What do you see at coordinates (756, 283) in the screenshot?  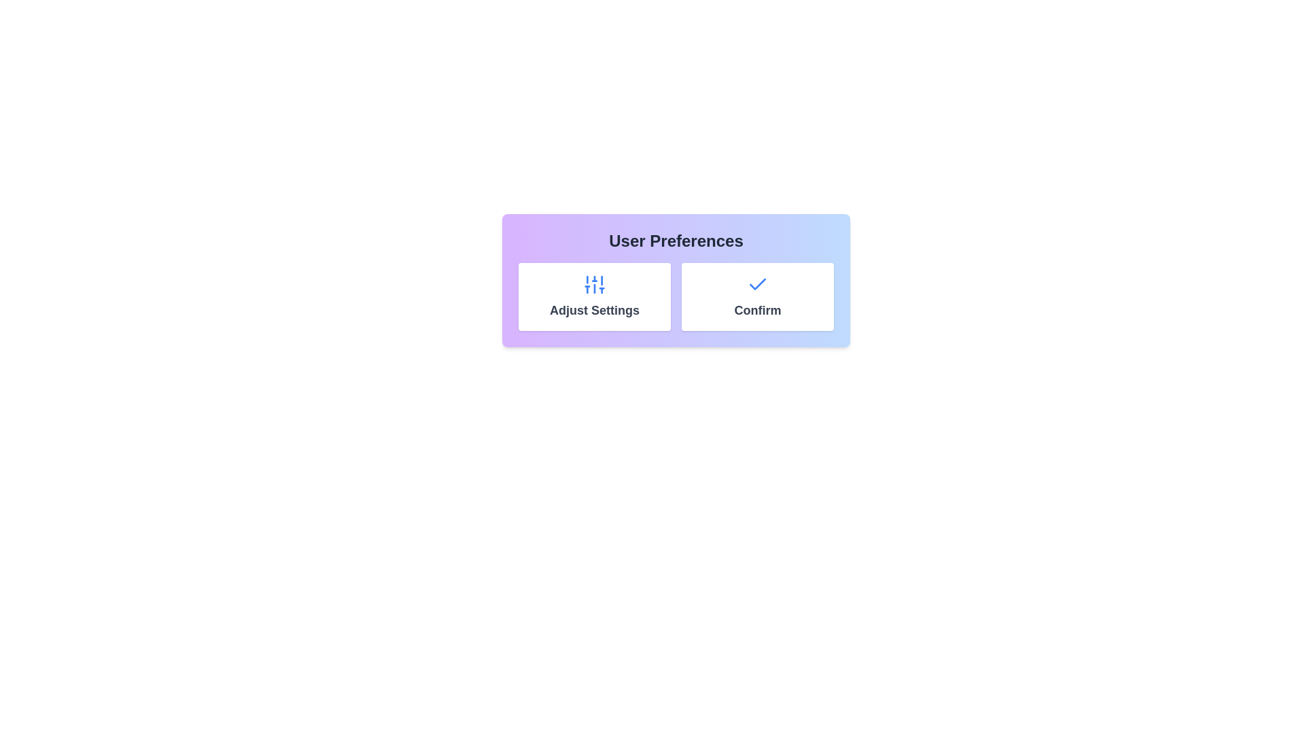 I see `the checkmark icon located in the 'Confirm' button within the 'User Preferences' panel` at bounding box center [756, 283].